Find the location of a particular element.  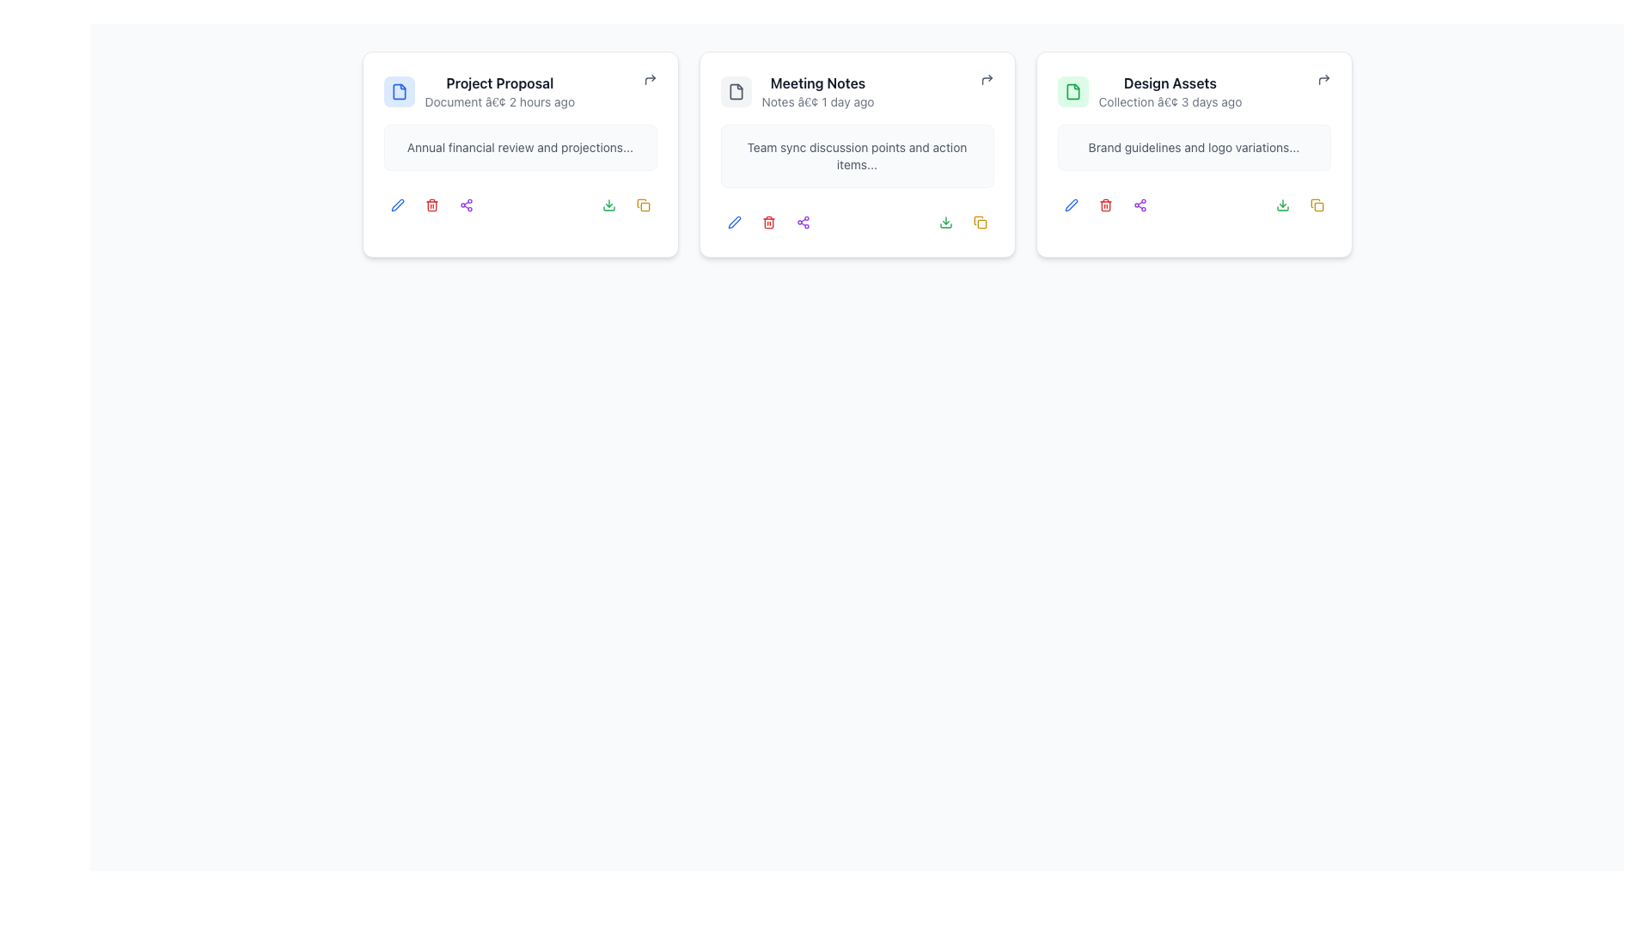

the static text label displaying 'Document â€¢ 2 hours ago', which is positioned beneath the title 'Project Proposal' in the first card of a horizontal arrangement of cards is located at coordinates (498, 102).